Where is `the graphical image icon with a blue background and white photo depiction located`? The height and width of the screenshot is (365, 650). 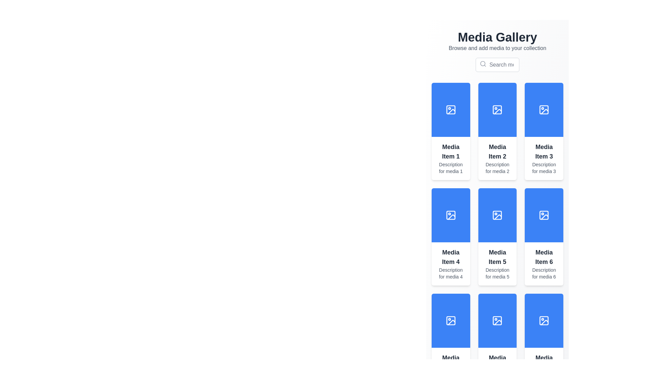
the graphical image icon with a blue background and white photo depiction located is located at coordinates (497, 320).